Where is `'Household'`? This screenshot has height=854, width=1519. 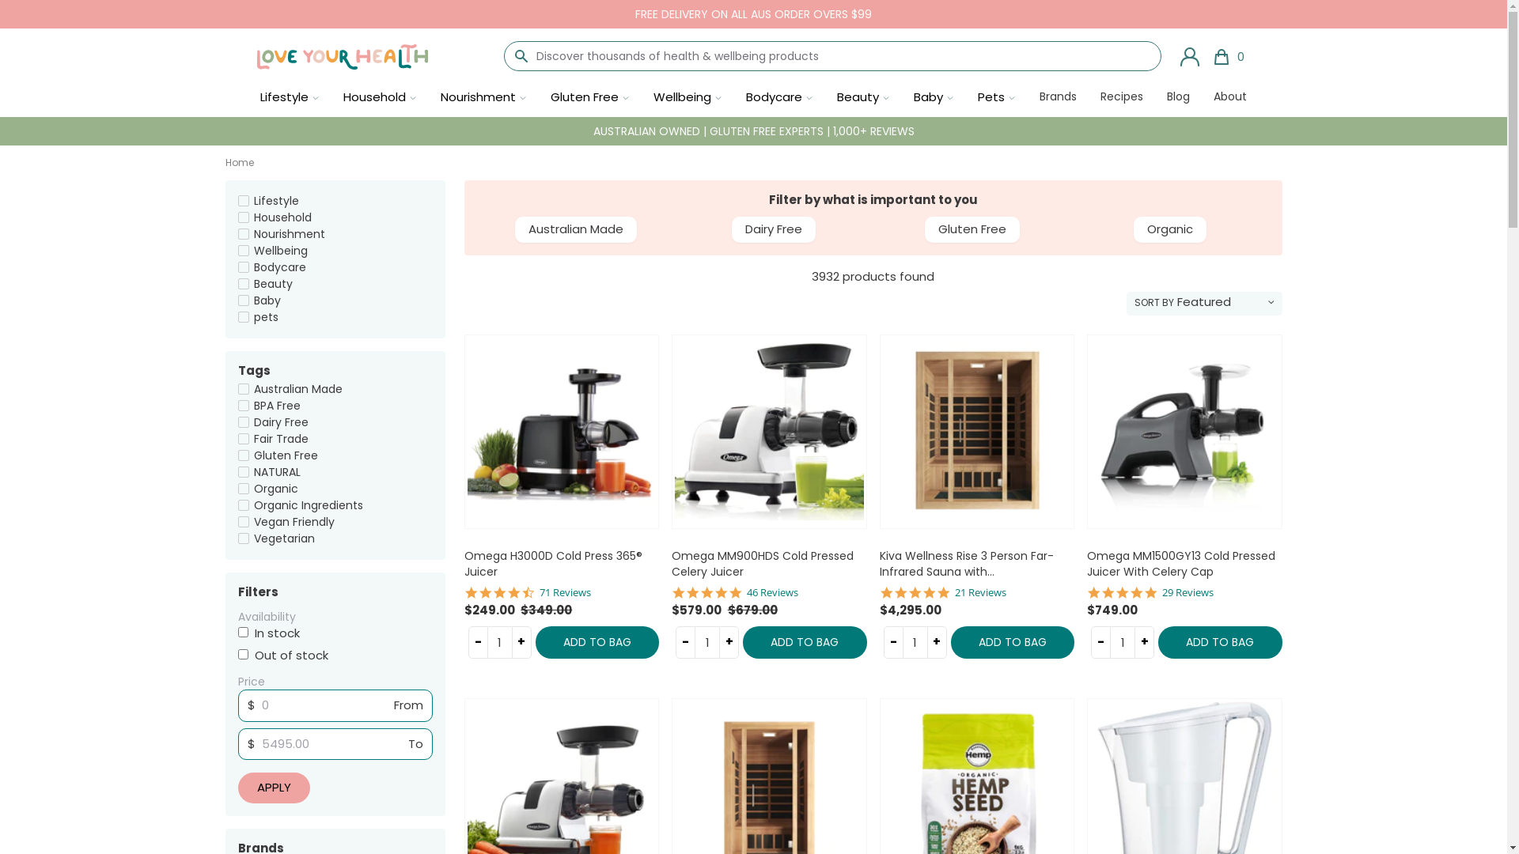
'Household' is located at coordinates (380, 97).